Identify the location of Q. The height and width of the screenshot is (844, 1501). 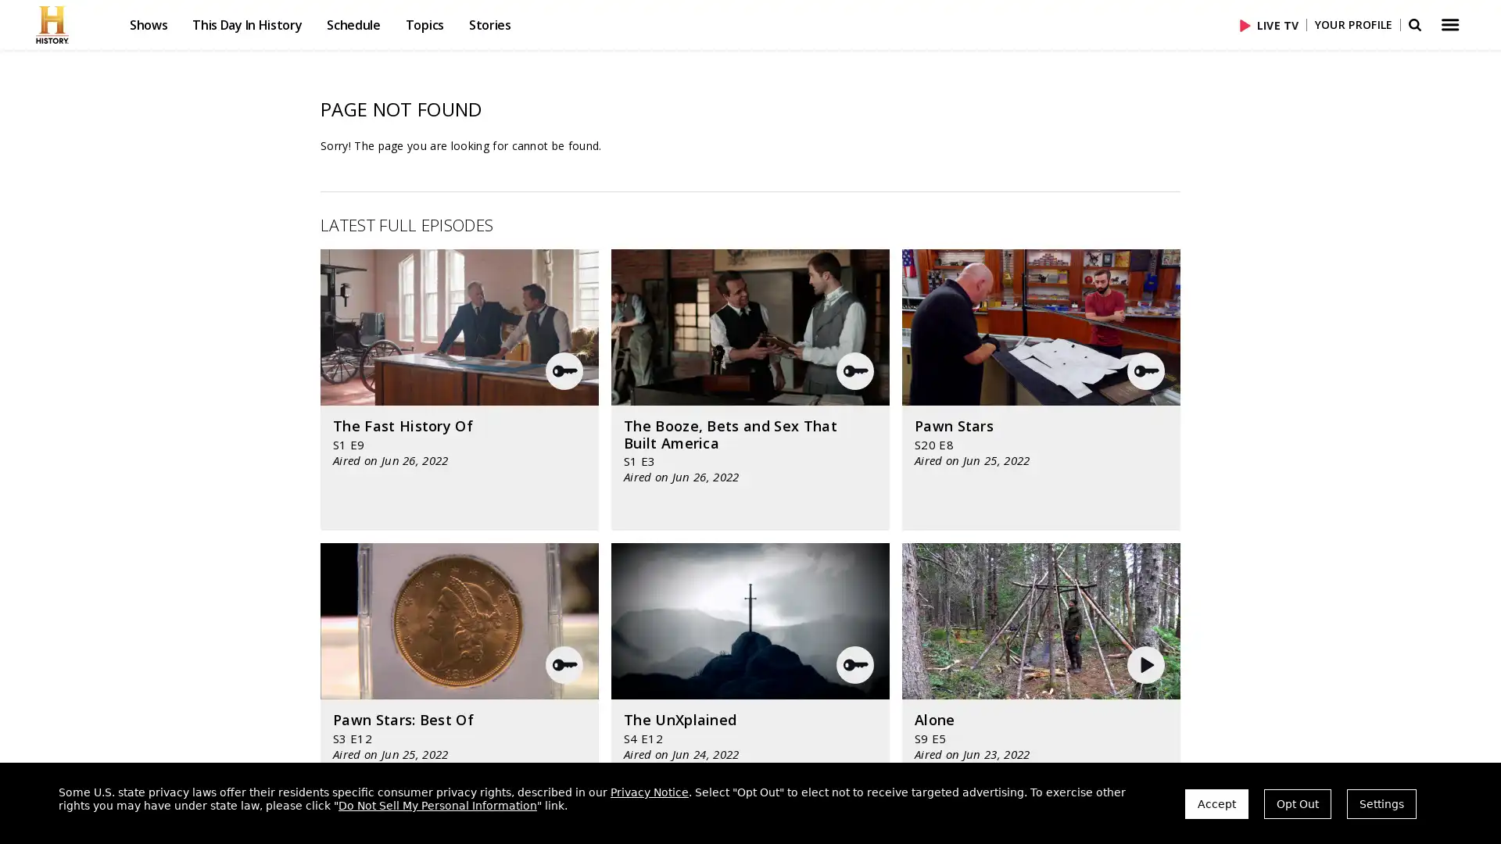
(854, 370).